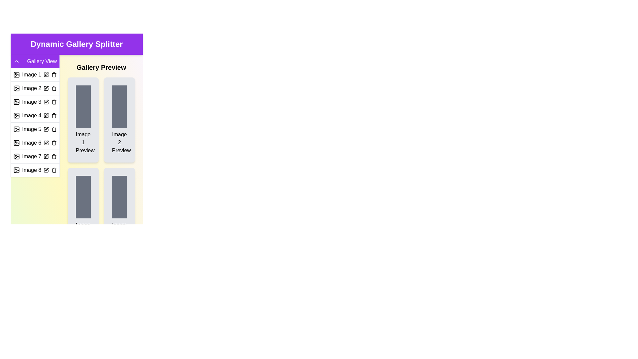 Image resolution: width=638 pixels, height=359 pixels. What do you see at coordinates (83, 142) in the screenshot?
I see `the Text Label that serves as a descriptor for the associated image preview, located below a gray placeholder image in the first column and first row of the 'Gallery Preview' grid` at bounding box center [83, 142].